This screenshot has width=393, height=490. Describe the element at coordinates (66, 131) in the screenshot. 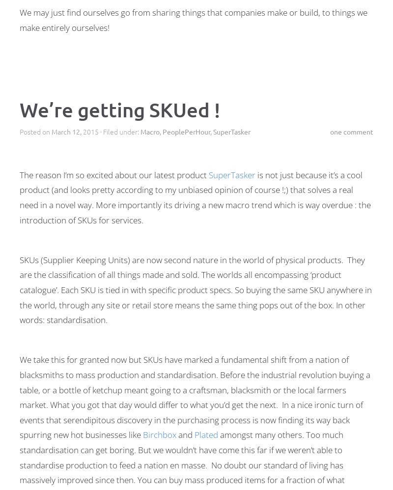

I see `'March 12,'` at that location.